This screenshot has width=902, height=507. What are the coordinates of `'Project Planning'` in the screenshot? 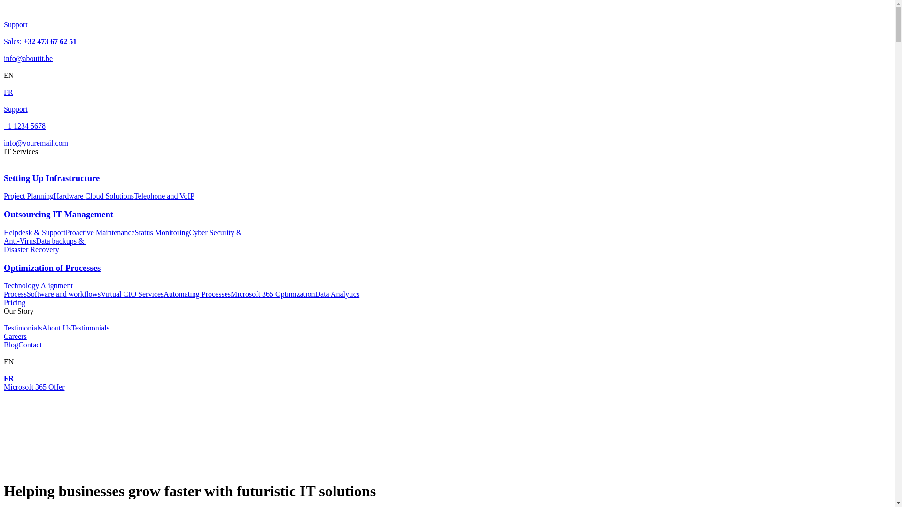 It's located at (29, 195).